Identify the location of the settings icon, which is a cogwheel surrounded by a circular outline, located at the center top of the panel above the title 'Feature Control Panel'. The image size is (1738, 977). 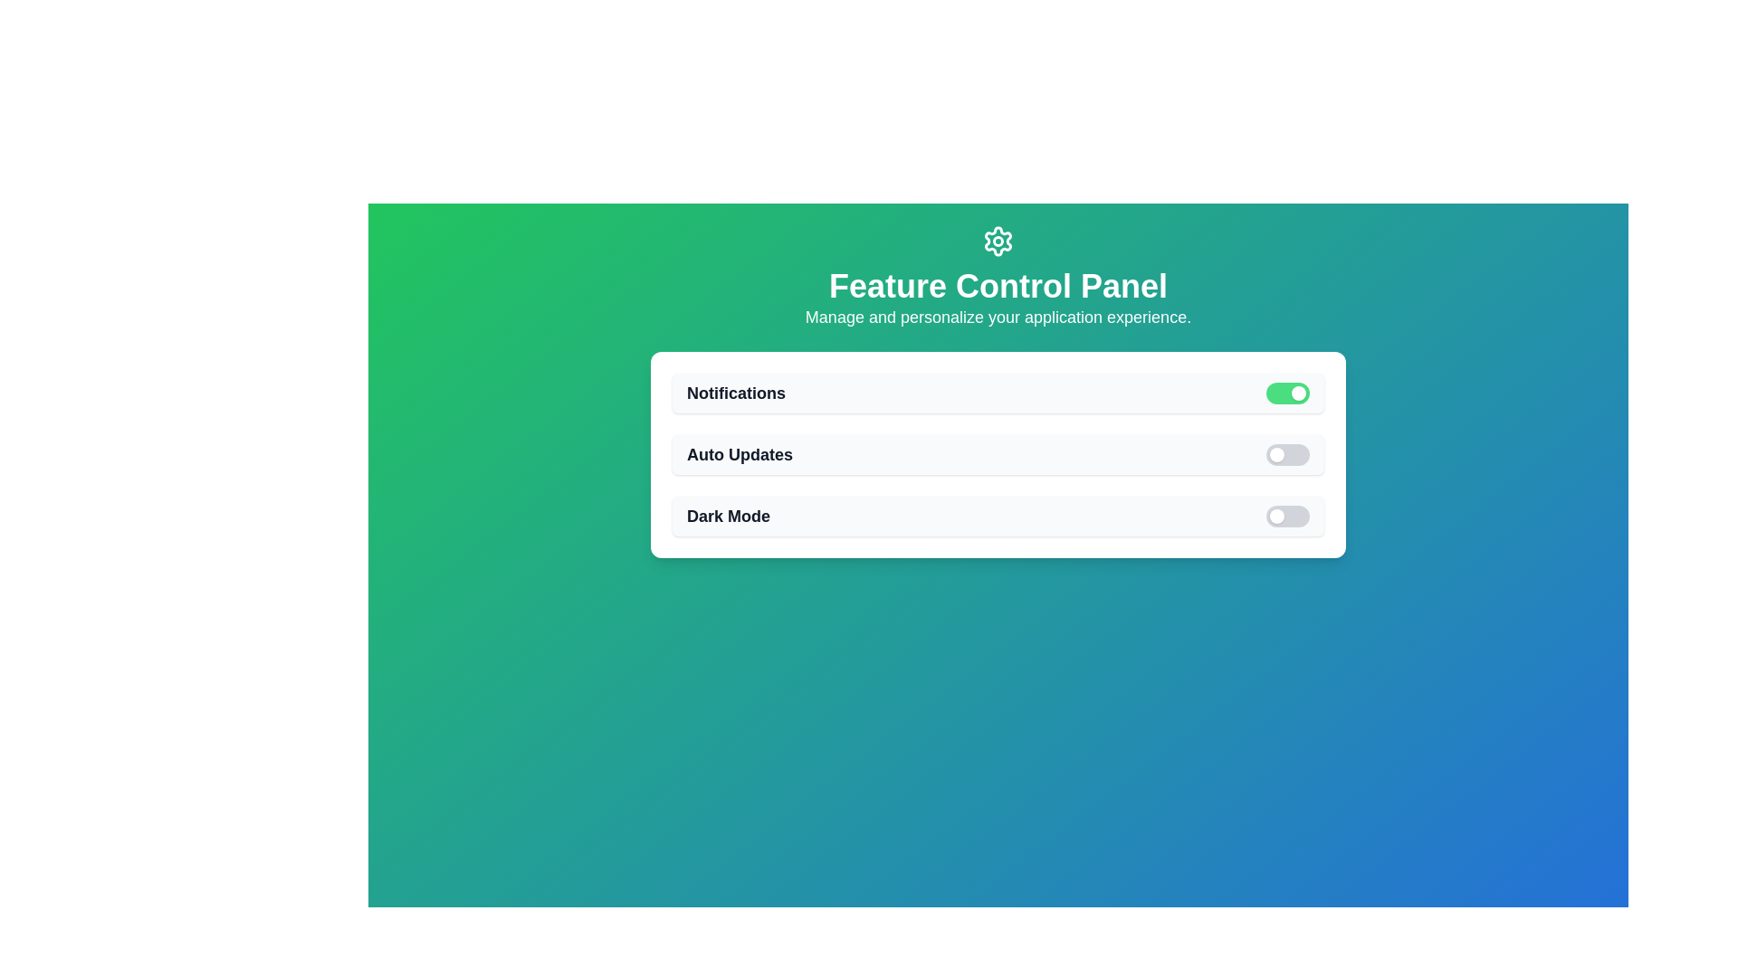
(998, 240).